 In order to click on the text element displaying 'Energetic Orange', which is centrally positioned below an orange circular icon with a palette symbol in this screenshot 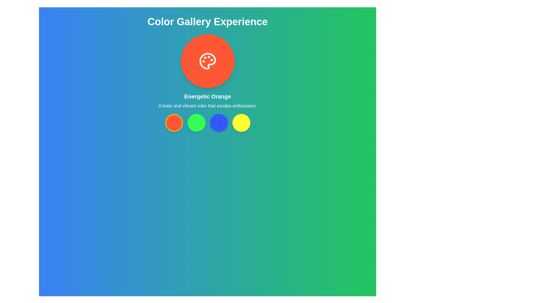, I will do `click(207, 96)`.